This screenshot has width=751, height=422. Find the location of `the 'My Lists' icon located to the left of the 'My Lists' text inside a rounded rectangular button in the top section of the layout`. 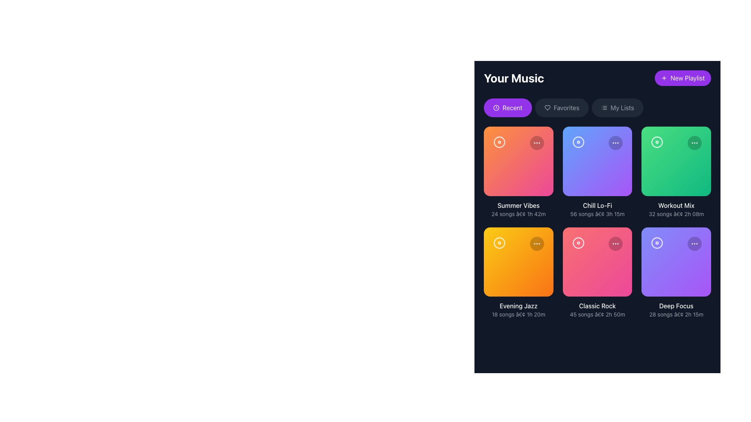

the 'My Lists' icon located to the left of the 'My Lists' text inside a rounded rectangular button in the top section of the layout is located at coordinates (604, 108).